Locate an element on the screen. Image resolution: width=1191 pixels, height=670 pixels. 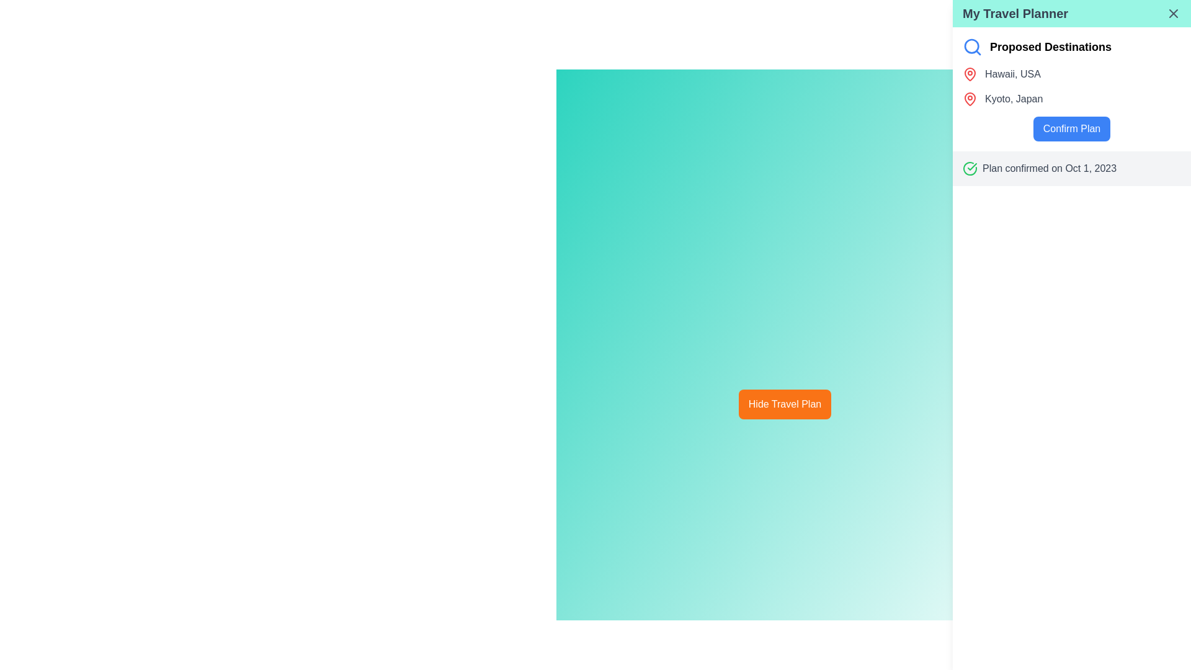
the search icon located at the top of the sidebar, positioned to the left of the text 'Proposed Destinations', to trigger the tooltip or focus effect is located at coordinates (972, 47).